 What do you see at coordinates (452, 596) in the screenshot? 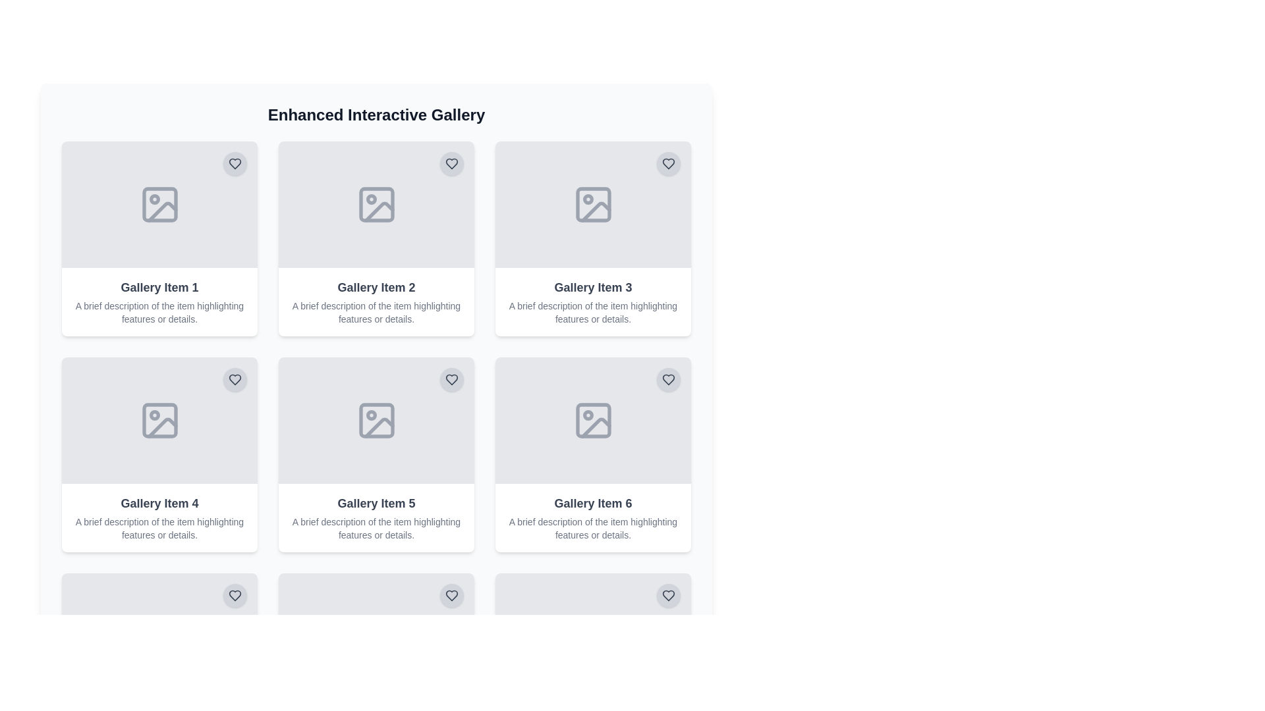
I see `the heart icon located in the top-right corner of the sixth gallery card` at bounding box center [452, 596].